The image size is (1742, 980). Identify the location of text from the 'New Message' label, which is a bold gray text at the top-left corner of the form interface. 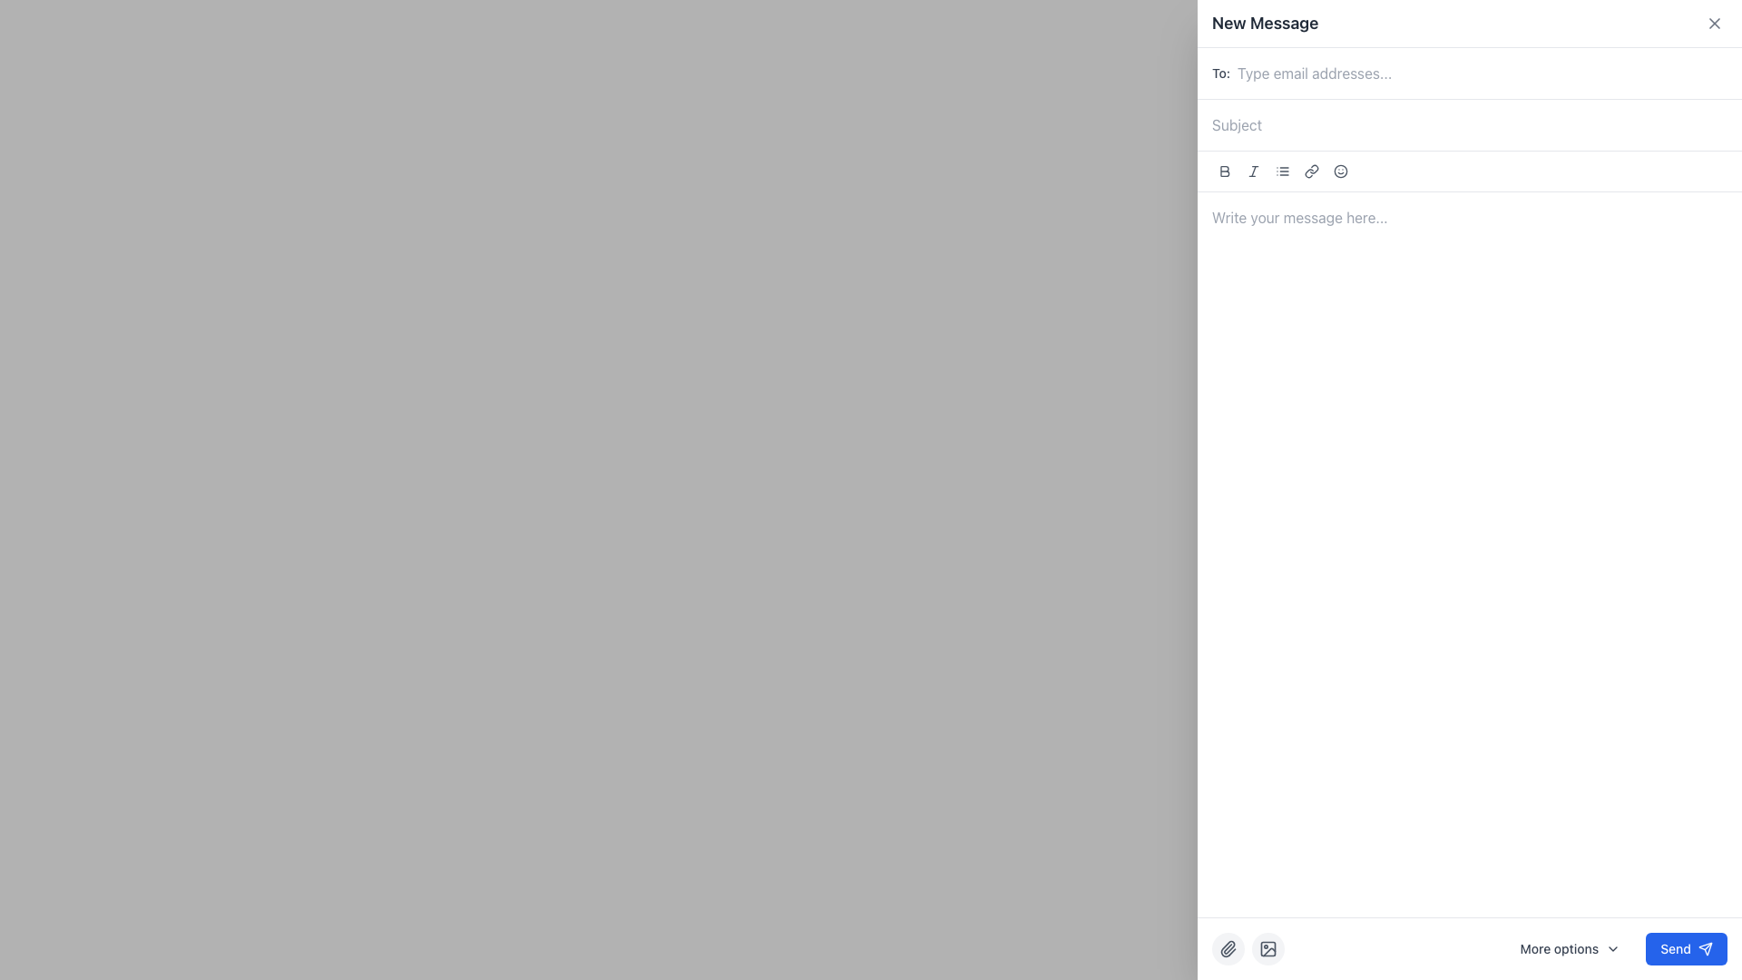
(1264, 24).